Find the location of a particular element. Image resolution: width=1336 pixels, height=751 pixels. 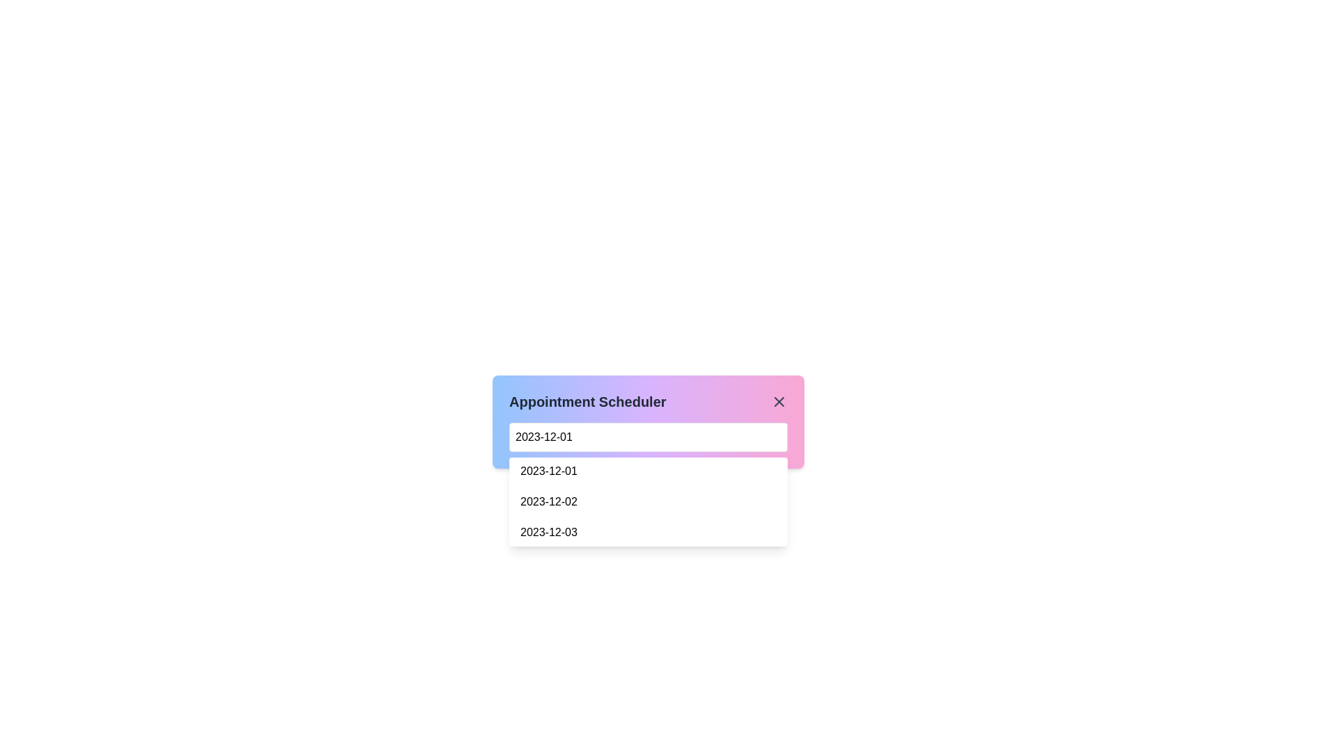

the 'X' icon button in the top-right corner of the 'Appointment Scheduler' bar is located at coordinates (778, 402).